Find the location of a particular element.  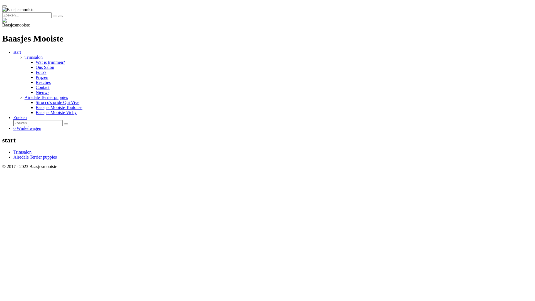

'Baasjes Mooiste Vichy' is located at coordinates (56, 112).